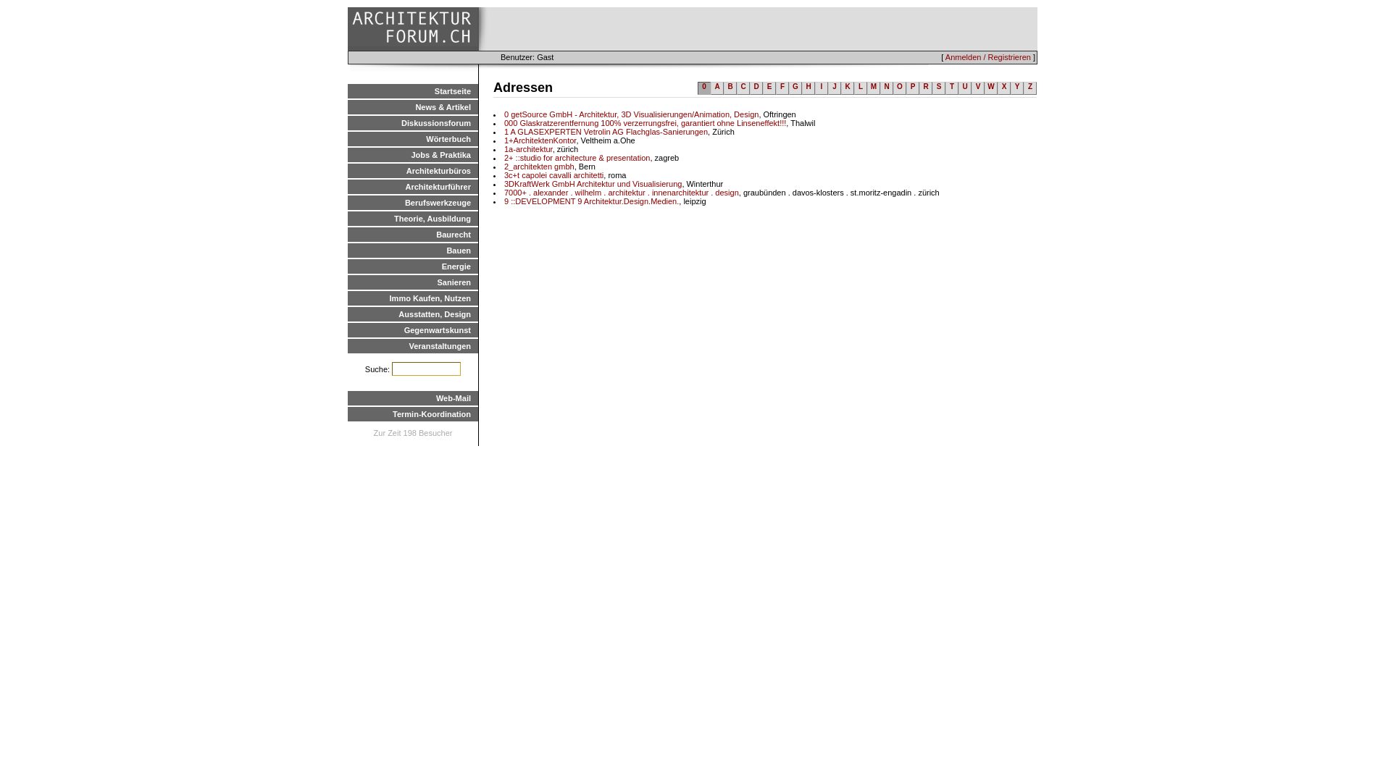  What do you see at coordinates (990, 88) in the screenshot?
I see `'W'` at bounding box center [990, 88].